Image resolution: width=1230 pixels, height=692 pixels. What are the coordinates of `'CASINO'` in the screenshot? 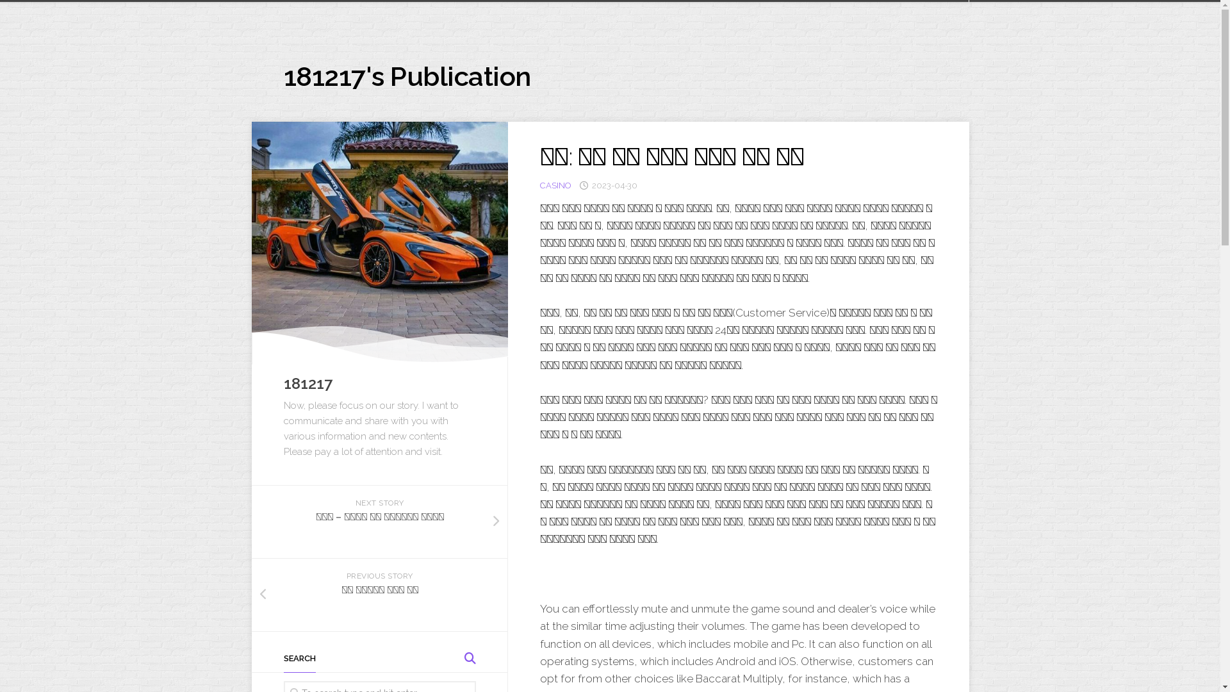 It's located at (554, 185).